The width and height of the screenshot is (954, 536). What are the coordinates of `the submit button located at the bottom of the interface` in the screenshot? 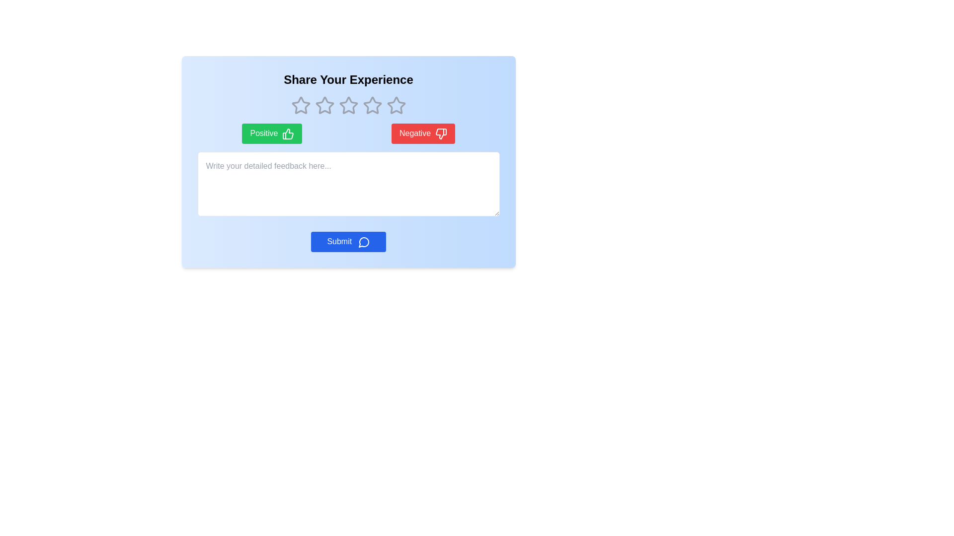 It's located at (348, 242).